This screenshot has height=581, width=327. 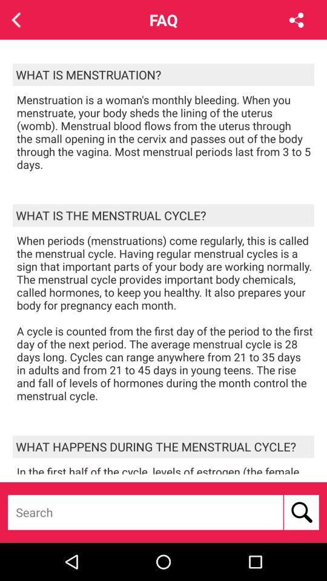 I want to click on the search icon, so click(x=300, y=548).